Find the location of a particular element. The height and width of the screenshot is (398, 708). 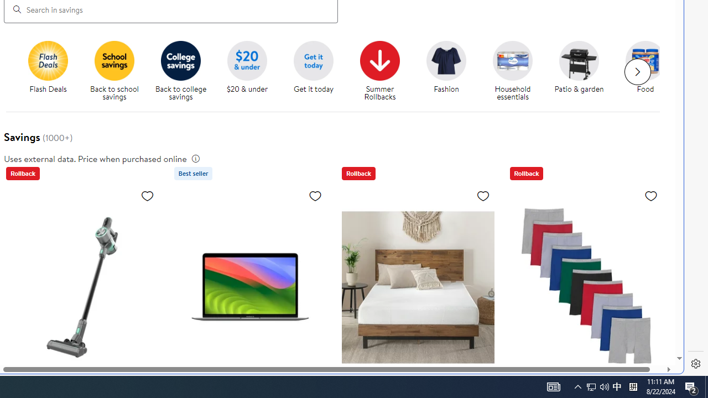

'legal information' is located at coordinates (195, 158).